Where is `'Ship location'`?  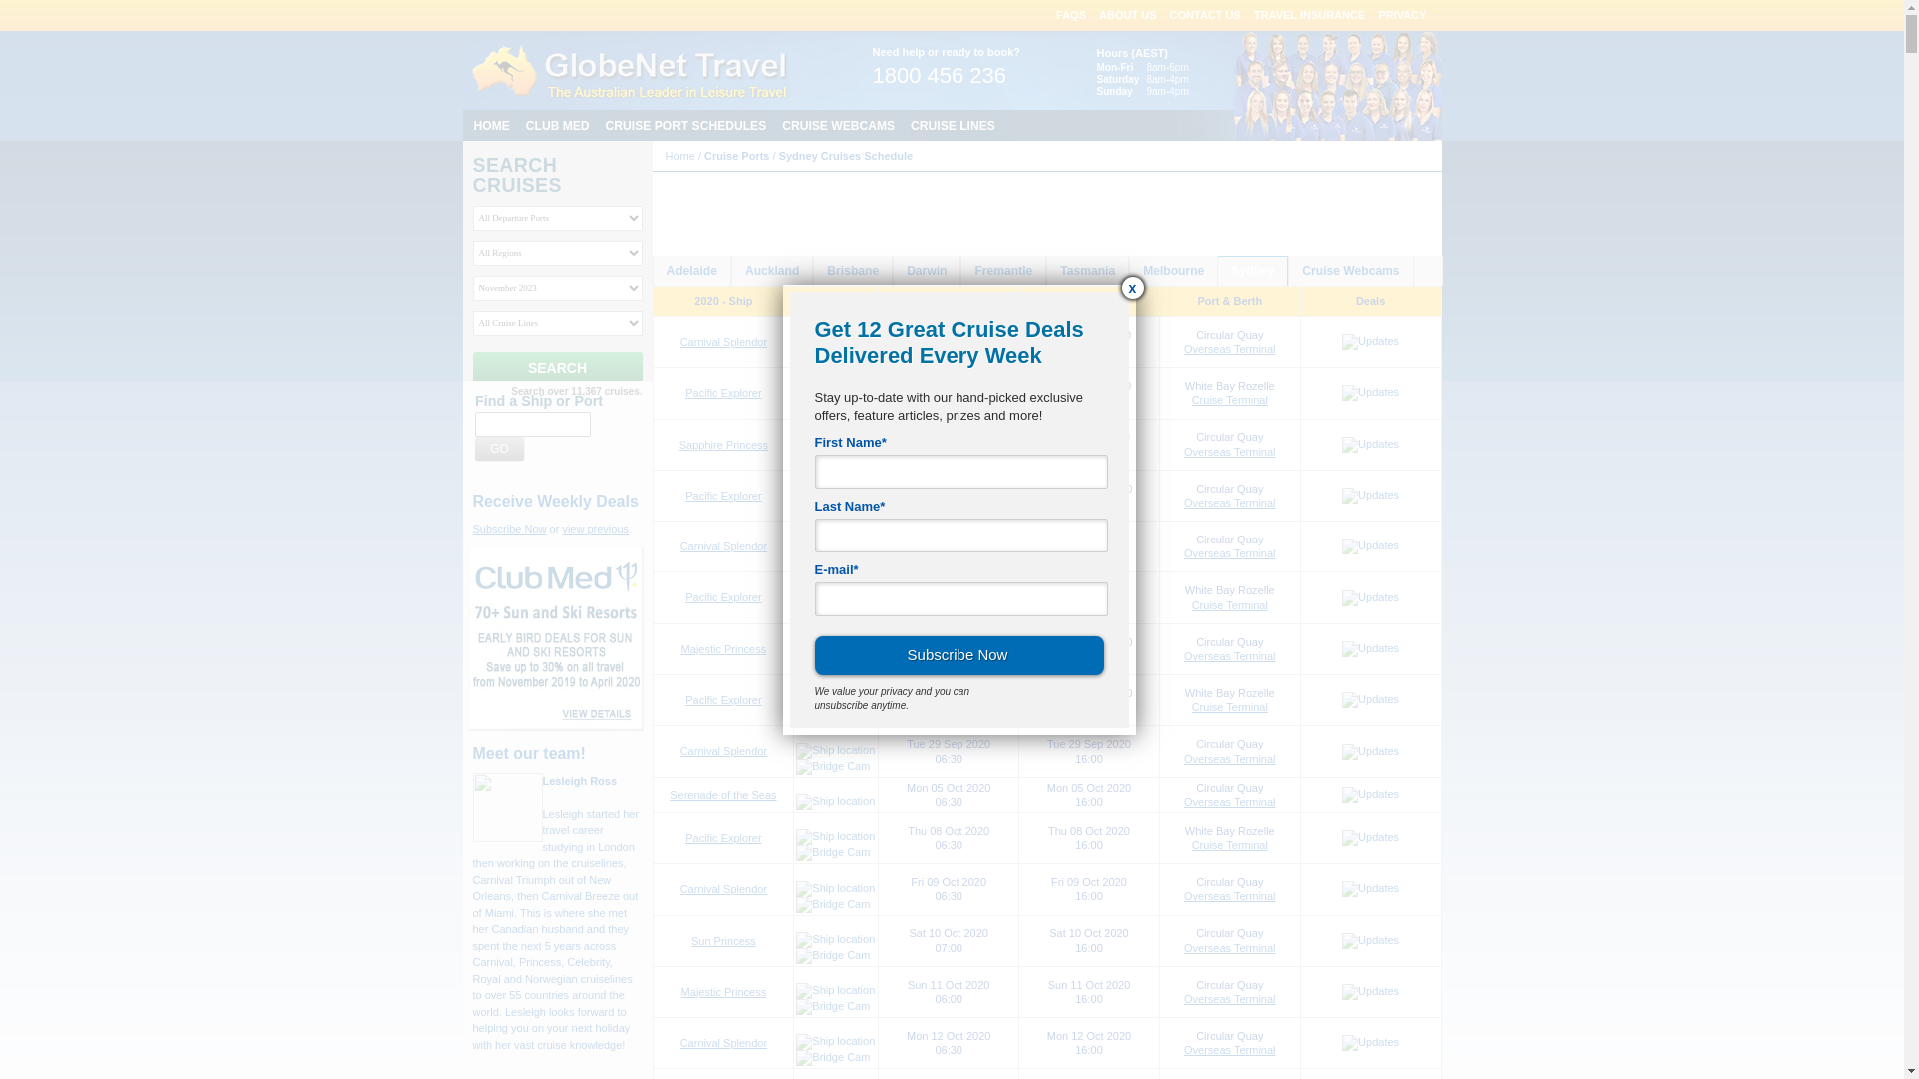
'Ship location' is located at coordinates (795, 888).